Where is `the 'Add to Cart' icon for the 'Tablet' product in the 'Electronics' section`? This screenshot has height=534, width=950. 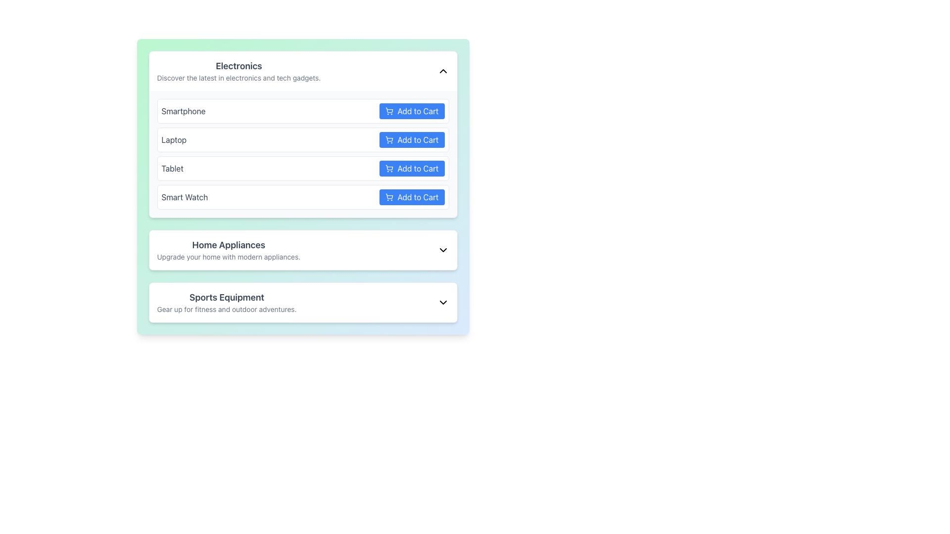
the 'Add to Cart' icon for the 'Tablet' product in the 'Electronics' section is located at coordinates (389, 167).